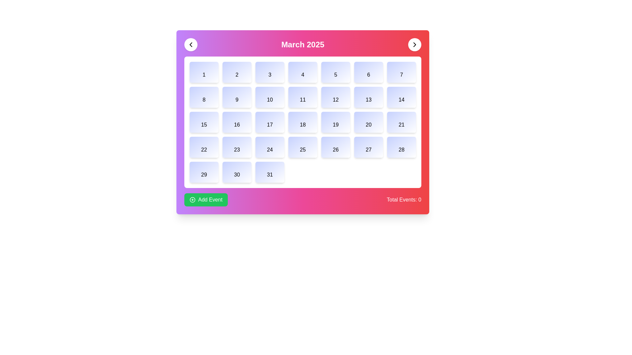 The height and width of the screenshot is (355, 632). What do you see at coordinates (303, 122) in the screenshot?
I see `individual dates within the interactive calendar grid for March 2025, located centrally below the month header` at bounding box center [303, 122].